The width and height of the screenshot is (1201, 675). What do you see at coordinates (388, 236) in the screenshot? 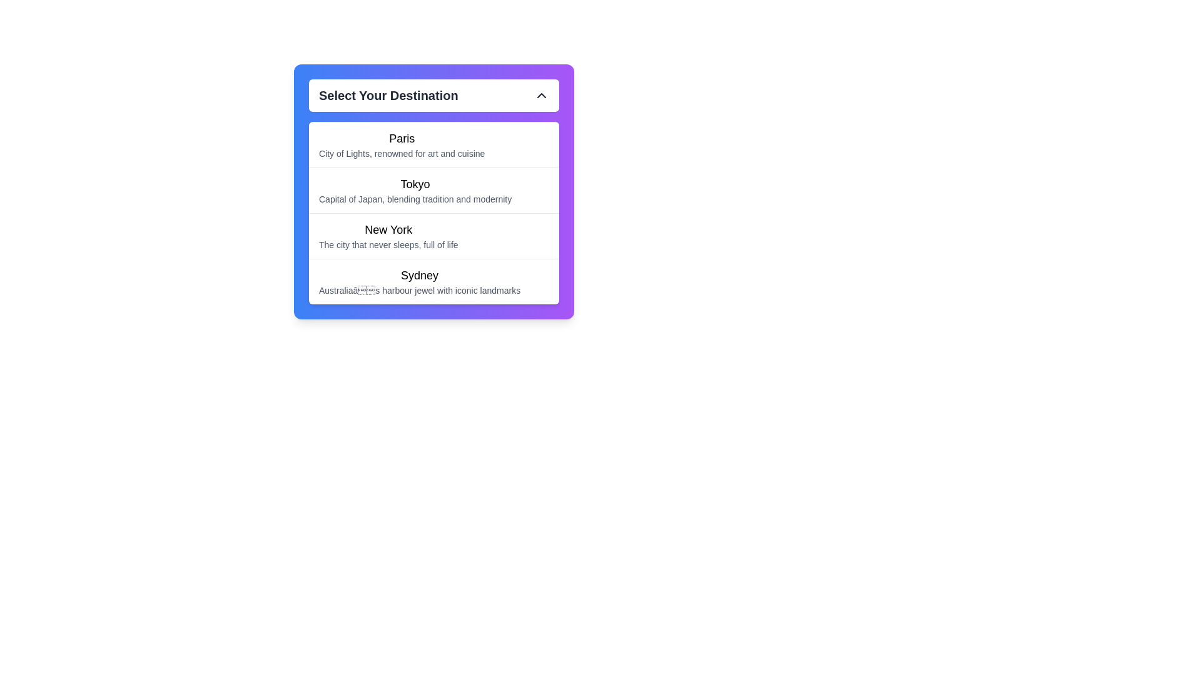
I see `the list item that displays information about New York` at bounding box center [388, 236].